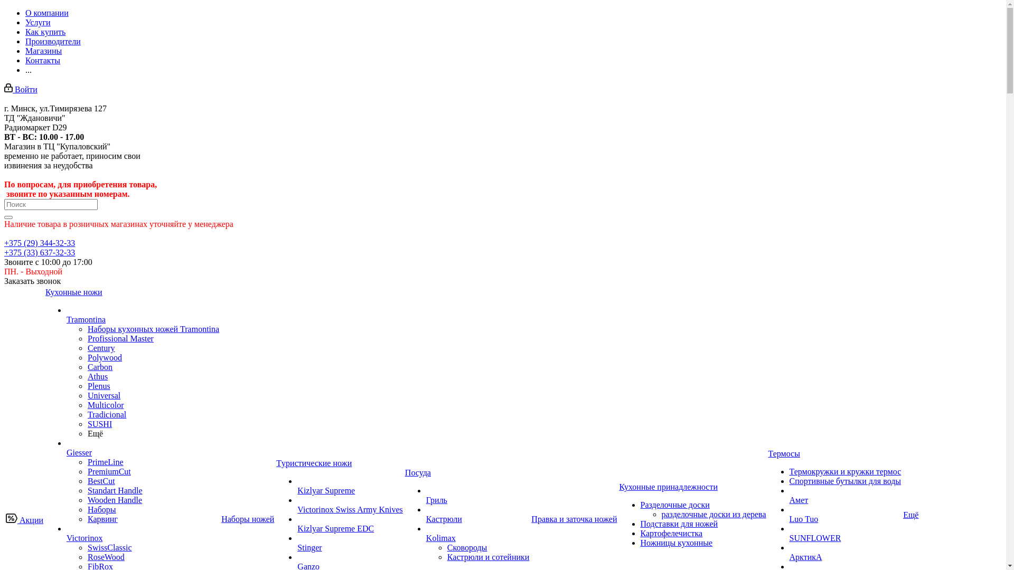  Describe the element at coordinates (789, 531) in the screenshot. I see `'SUNFLOWER'` at that location.